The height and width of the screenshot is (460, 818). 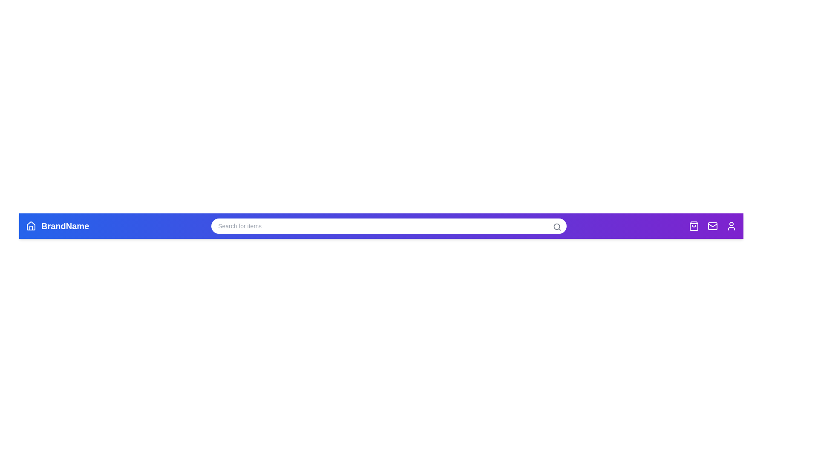 What do you see at coordinates (31, 226) in the screenshot?
I see `the Home navigation icon` at bounding box center [31, 226].